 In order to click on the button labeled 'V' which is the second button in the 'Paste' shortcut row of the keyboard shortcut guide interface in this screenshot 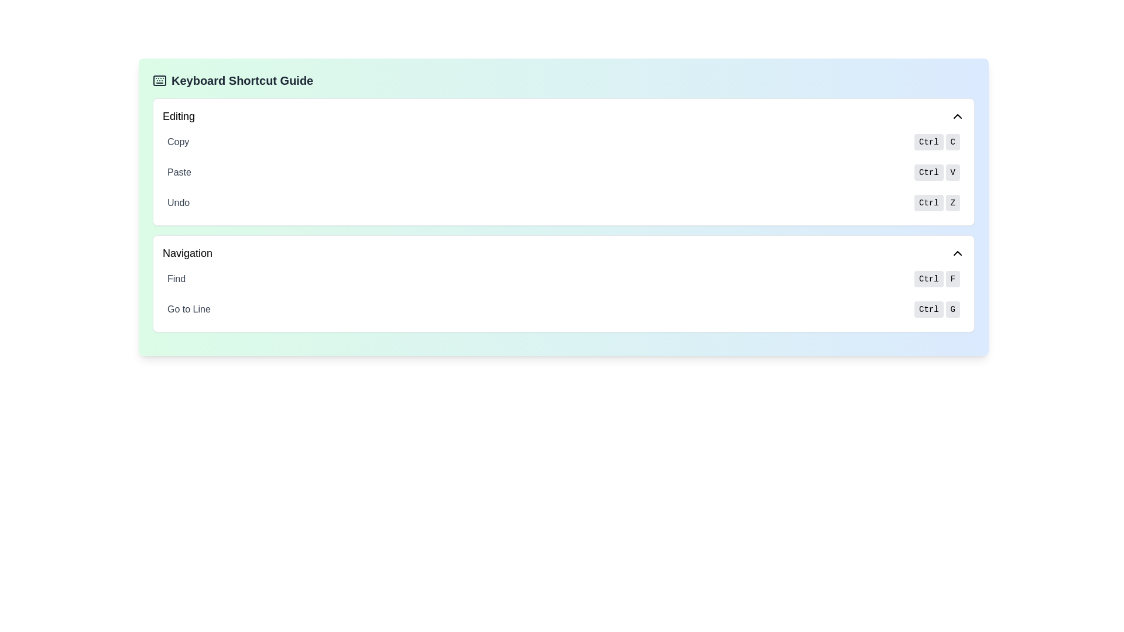, I will do `click(952, 172)`.